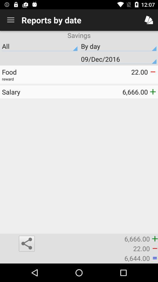 Image resolution: width=158 pixels, height=282 pixels. What do you see at coordinates (39, 46) in the screenshot?
I see `the item above 09/dec/2016` at bounding box center [39, 46].